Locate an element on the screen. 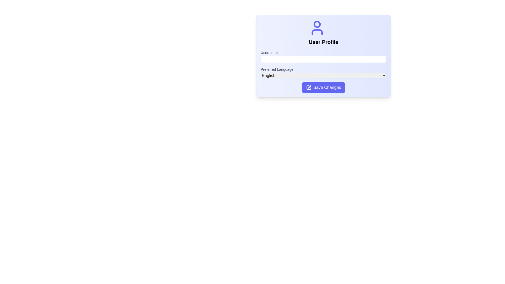 Image resolution: width=505 pixels, height=284 pixels. the 'Preferred Language' dropdown menu is located at coordinates (323, 72).